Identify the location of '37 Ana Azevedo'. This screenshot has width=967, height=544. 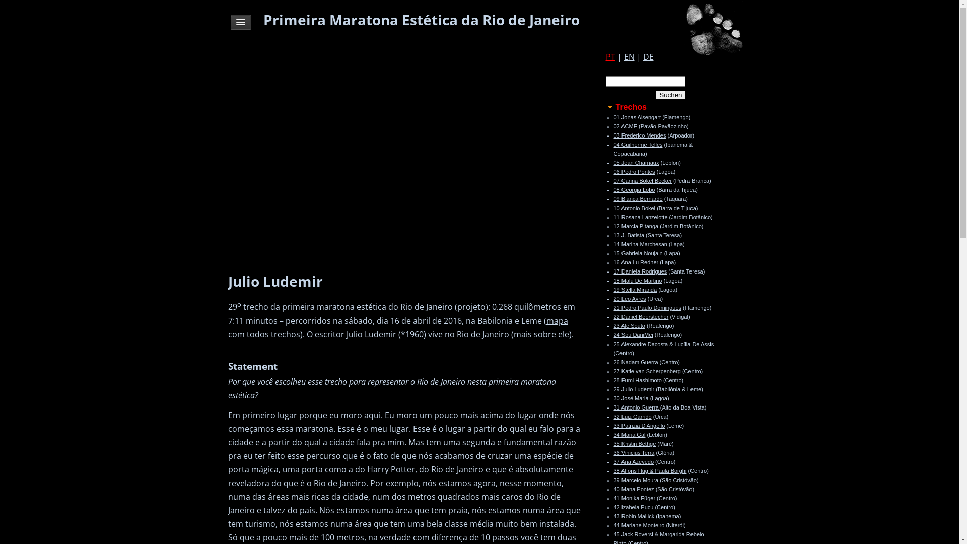
(633, 462).